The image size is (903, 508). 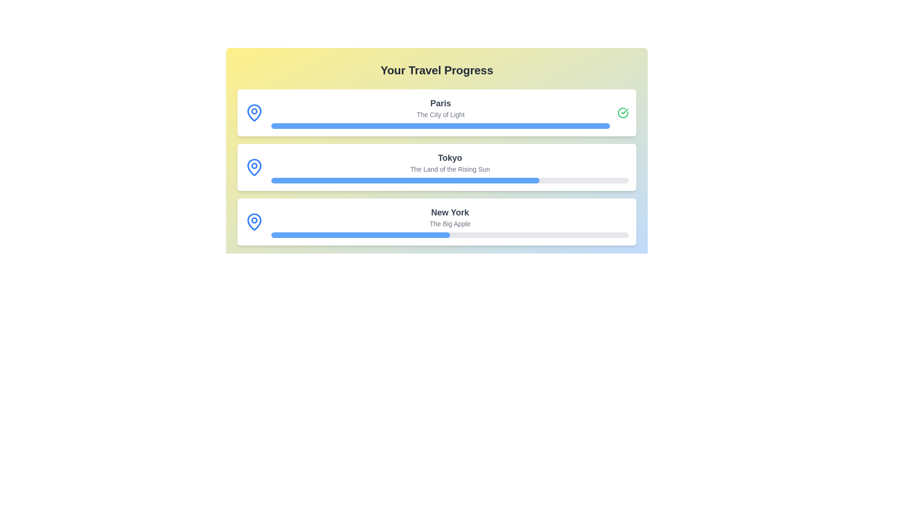 What do you see at coordinates (625, 111) in the screenshot?
I see `the checkmark icon within the green circle, located in the top right corner of the progress bar for the 'Paris' section` at bounding box center [625, 111].